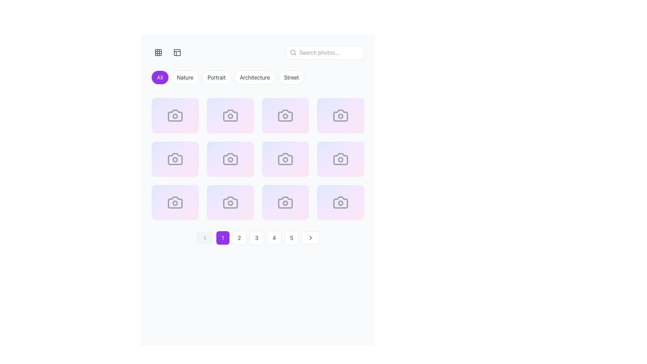  Describe the element at coordinates (341, 202) in the screenshot. I see `to select the Image Card, which is a rounded rectangle with a soft gradient background and a light gray camera icon at its center, located in the last column of the last row of the grid layout` at that location.